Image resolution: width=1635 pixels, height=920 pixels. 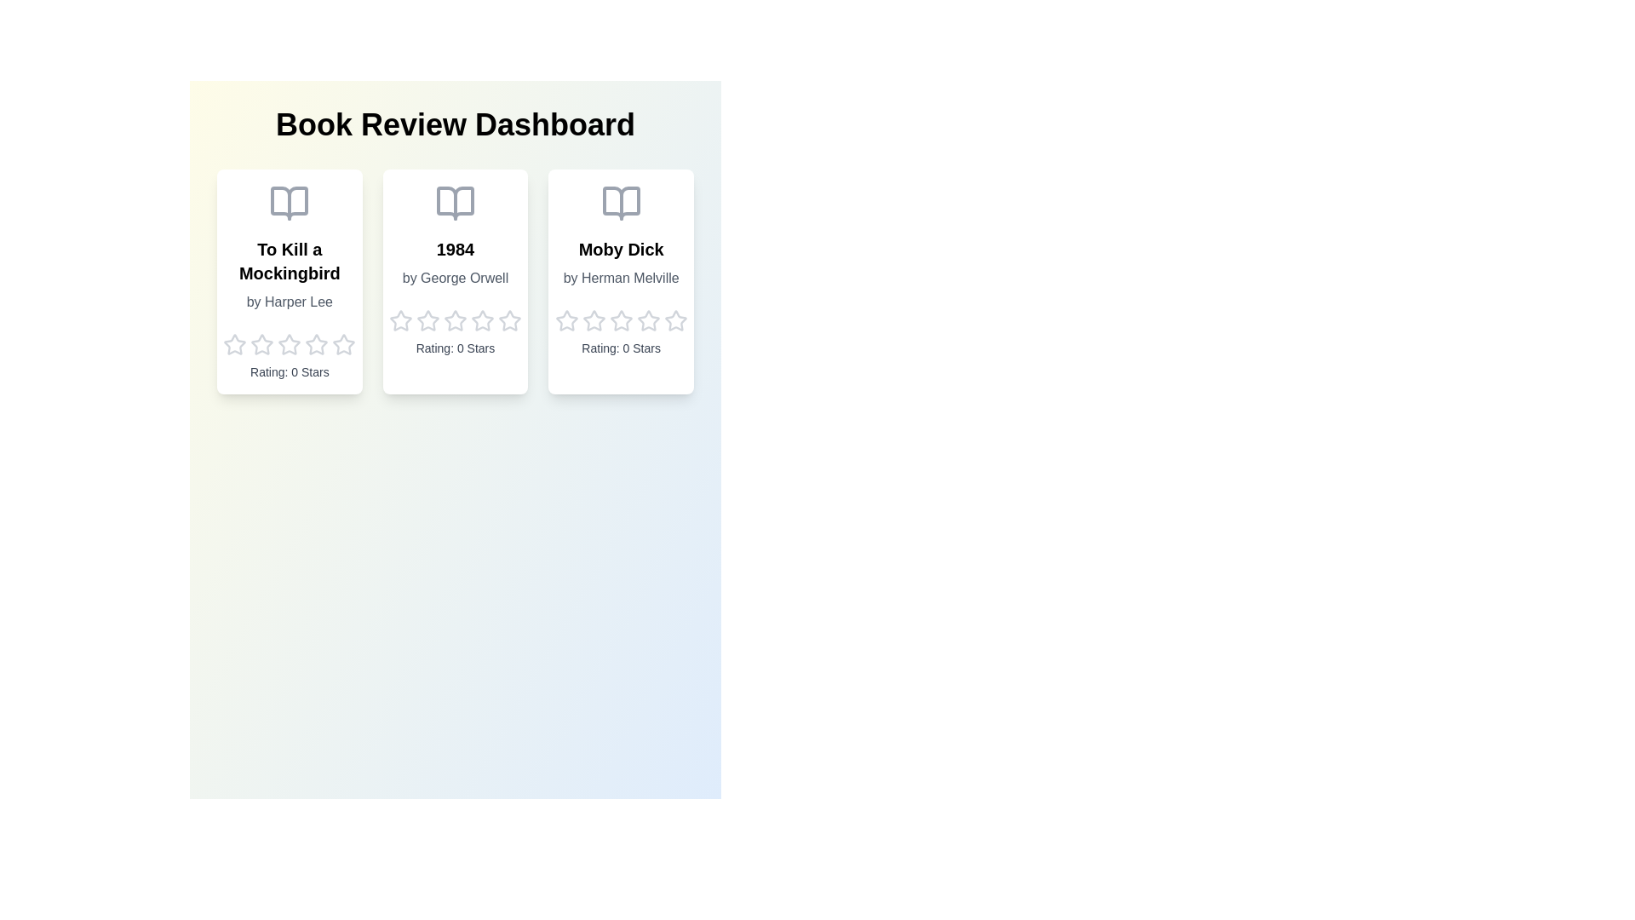 What do you see at coordinates (290, 345) in the screenshot?
I see `the star icon corresponding to the rating 3 for the book 1` at bounding box center [290, 345].